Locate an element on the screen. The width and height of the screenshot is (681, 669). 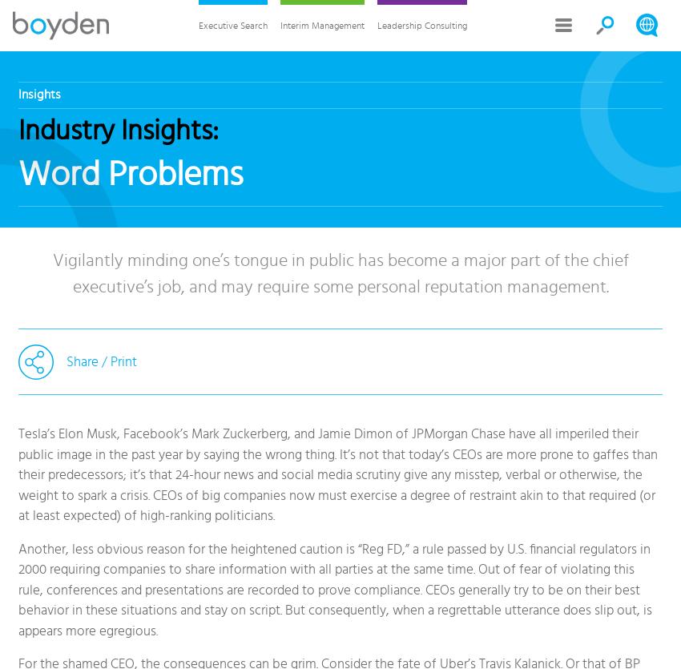
'Insights' is located at coordinates (39, 93).